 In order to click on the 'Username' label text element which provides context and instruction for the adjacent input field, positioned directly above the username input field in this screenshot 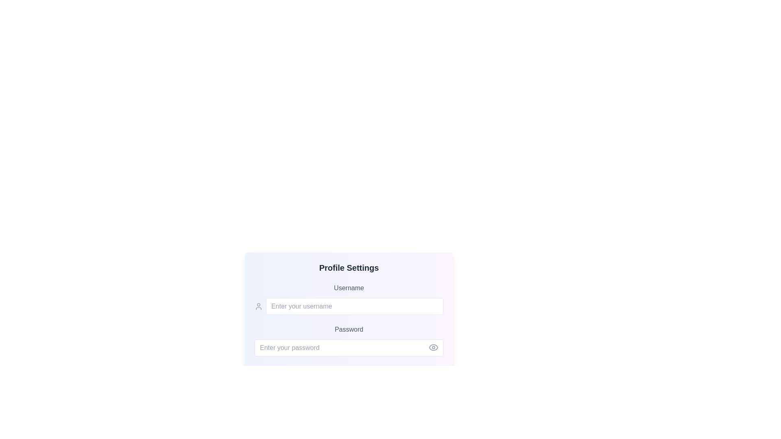, I will do `click(349, 288)`.